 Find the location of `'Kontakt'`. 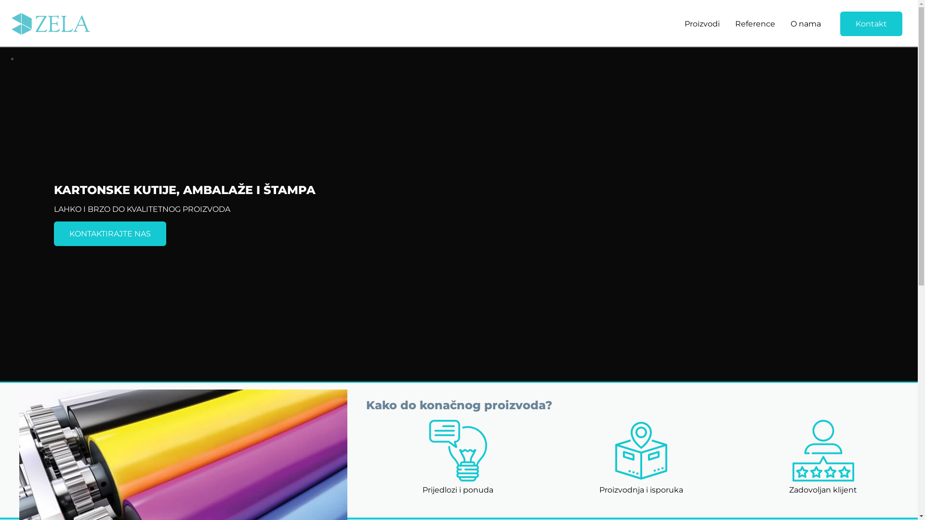

'Kontakt' is located at coordinates (839, 23).